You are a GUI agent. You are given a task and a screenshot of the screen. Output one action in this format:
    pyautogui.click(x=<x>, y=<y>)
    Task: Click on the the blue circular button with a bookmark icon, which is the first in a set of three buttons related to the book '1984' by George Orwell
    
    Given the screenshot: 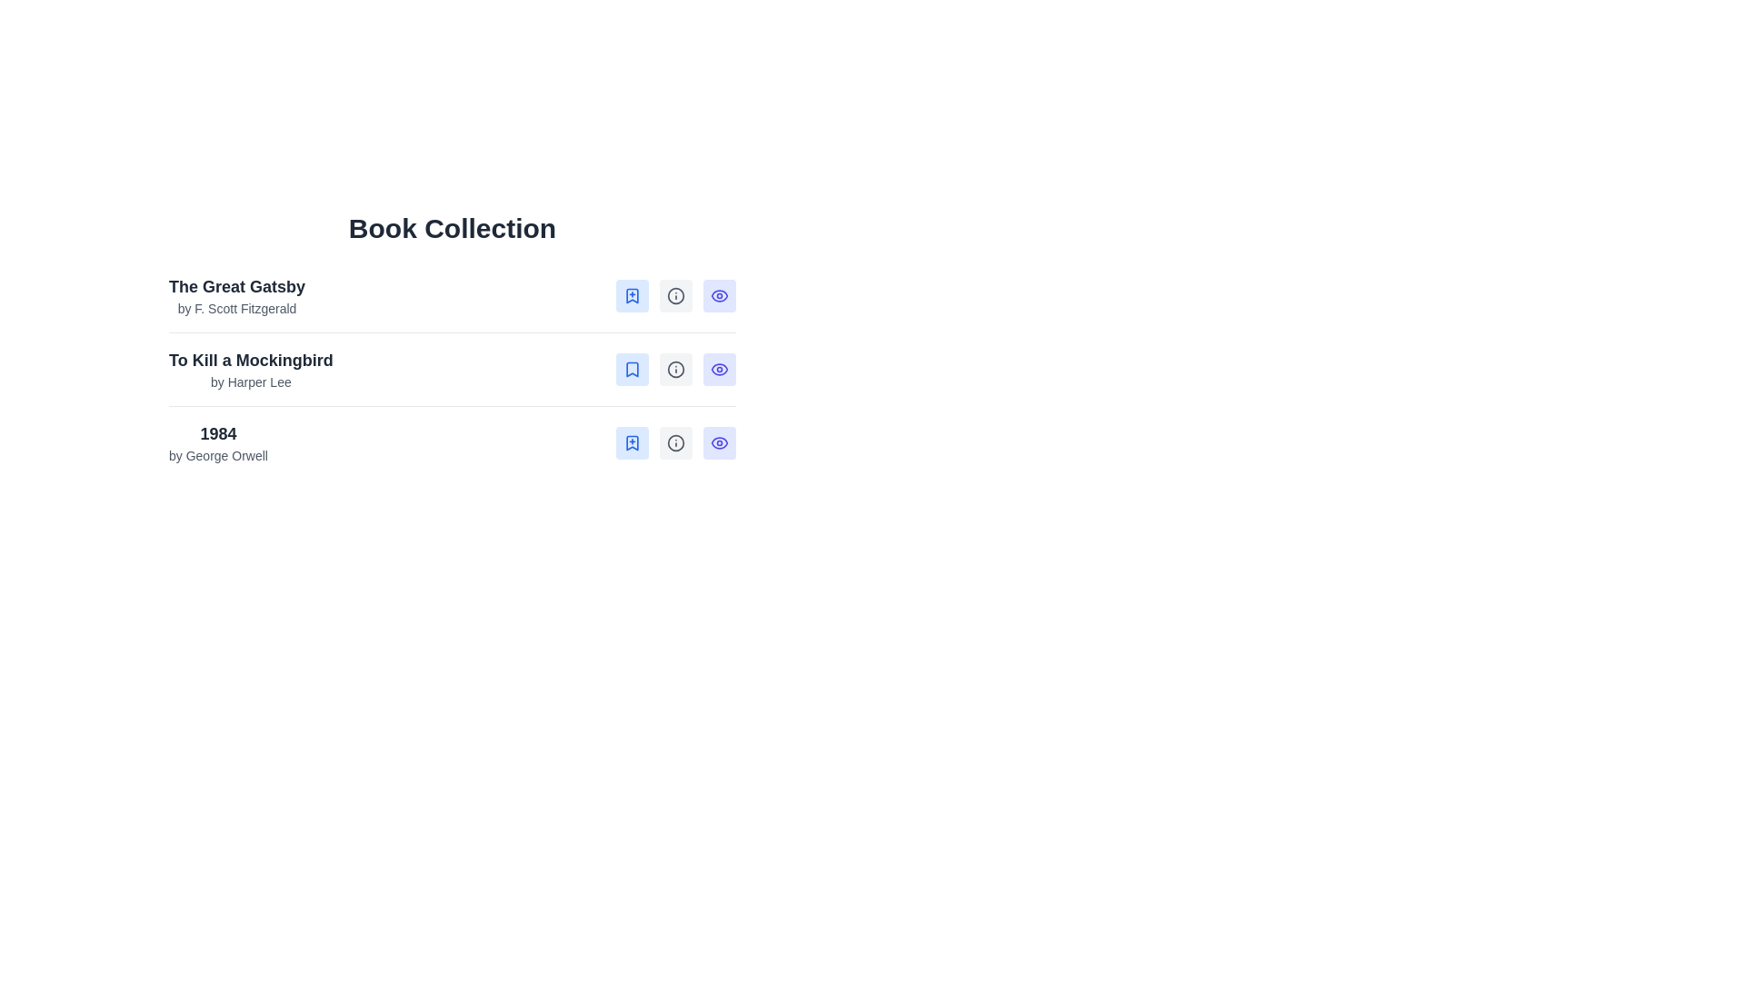 What is the action you would take?
    pyautogui.click(x=633, y=443)
    